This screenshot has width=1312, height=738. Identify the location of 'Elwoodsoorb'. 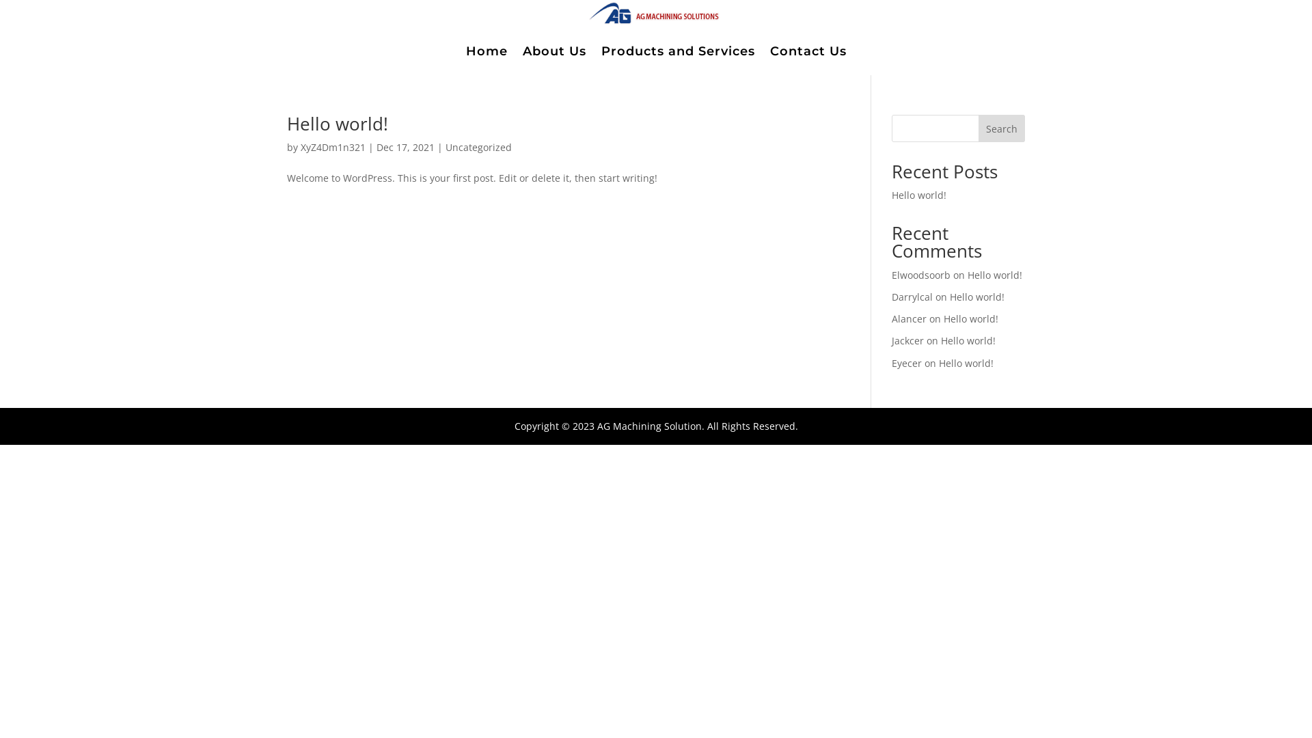
(921, 275).